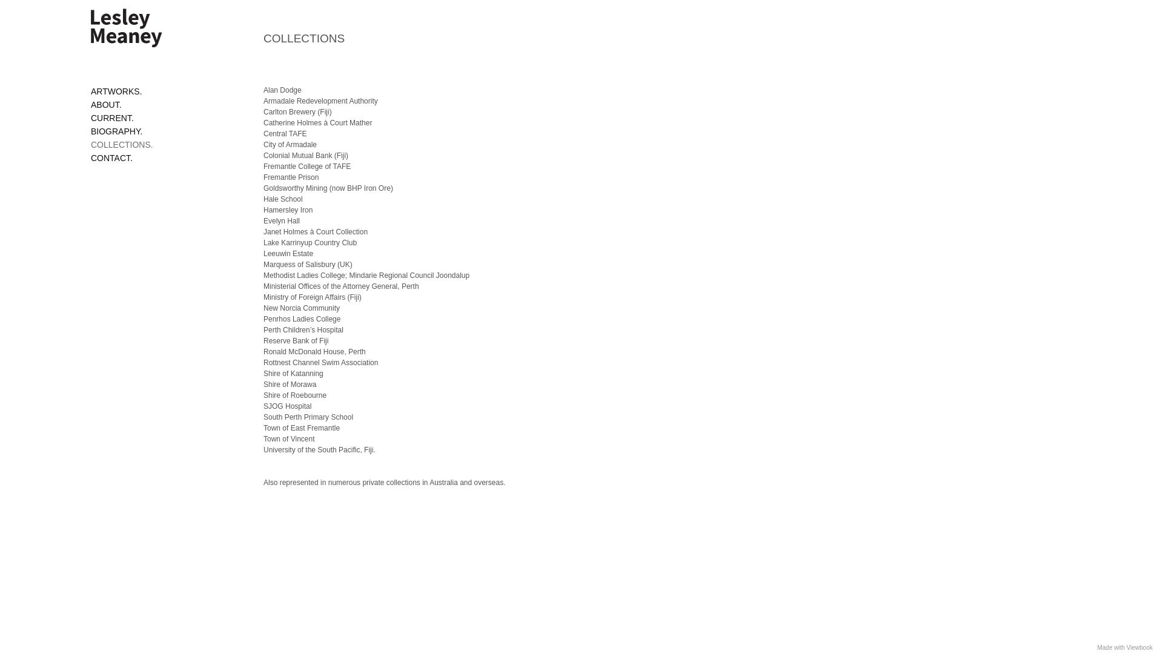 This screenshot has width=1163, height=654. I want to click on 'ARTWORKS.', so click(90, 90).